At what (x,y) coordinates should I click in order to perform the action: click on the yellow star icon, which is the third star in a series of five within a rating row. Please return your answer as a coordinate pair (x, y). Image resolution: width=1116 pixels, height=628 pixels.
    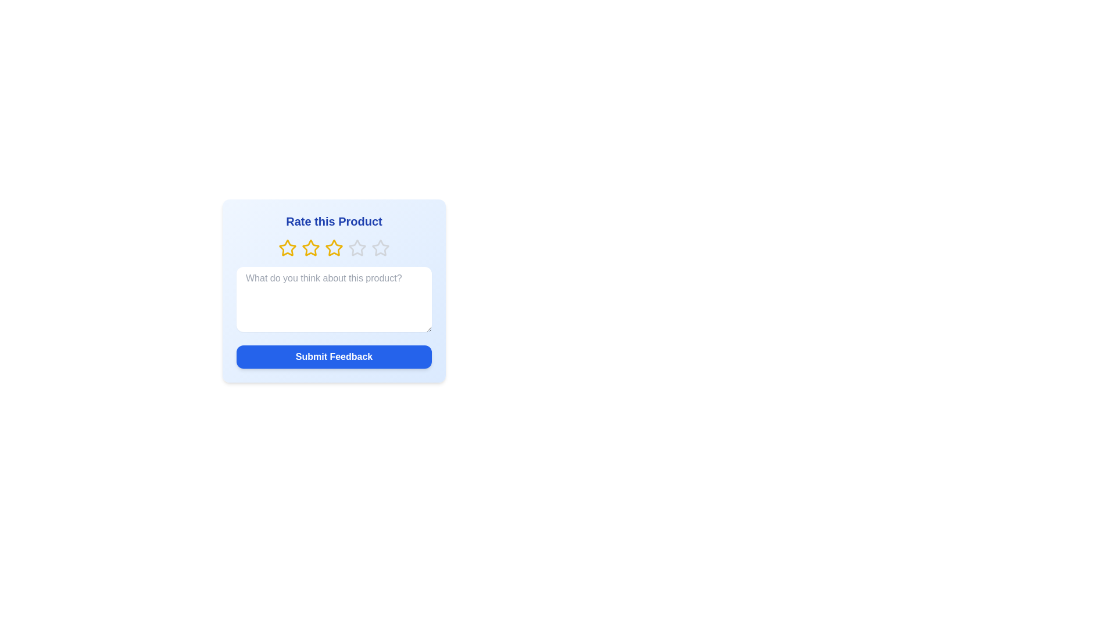
    Looking at the image, I should click on (310, 248).